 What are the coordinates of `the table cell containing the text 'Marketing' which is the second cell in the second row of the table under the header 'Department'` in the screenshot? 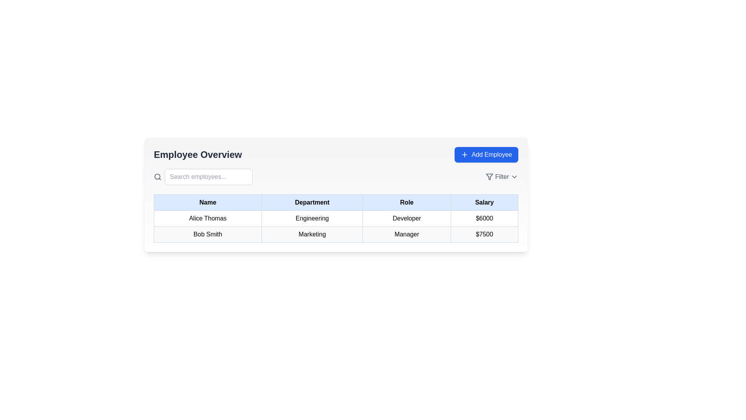 It's located at (312, 234).